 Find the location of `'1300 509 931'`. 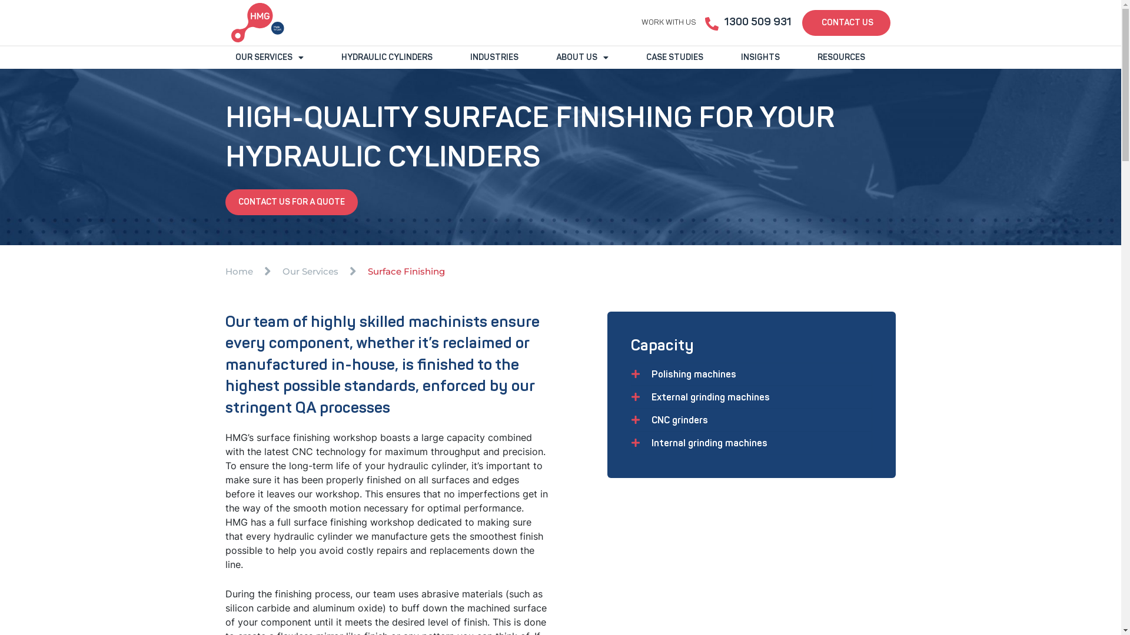

'1300 509 931' is located at coordinates (757, 22).